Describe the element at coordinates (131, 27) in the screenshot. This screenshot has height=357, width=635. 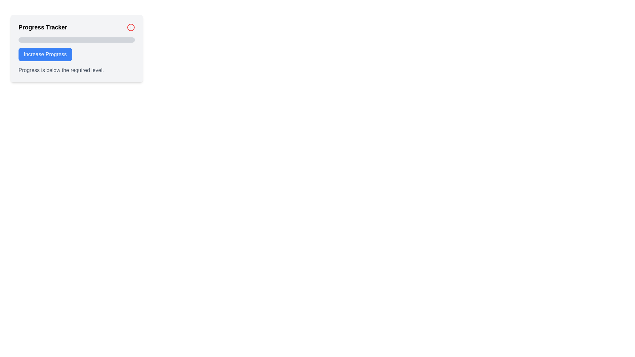
I see `the circular alert shape with a red border located in the upper-right corner of the 'Progress Tracker' card, which indicates an active or critical state` at that location.